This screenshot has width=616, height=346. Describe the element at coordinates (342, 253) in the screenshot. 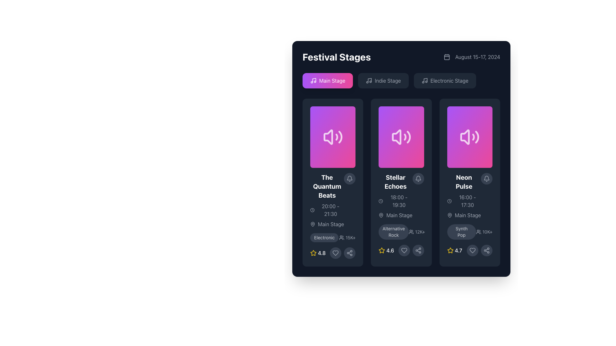

I see `the heart icon to like the content in the card titled 'The Quantum Beats', located at the bottom right adjacent to the rating star component` at that location.